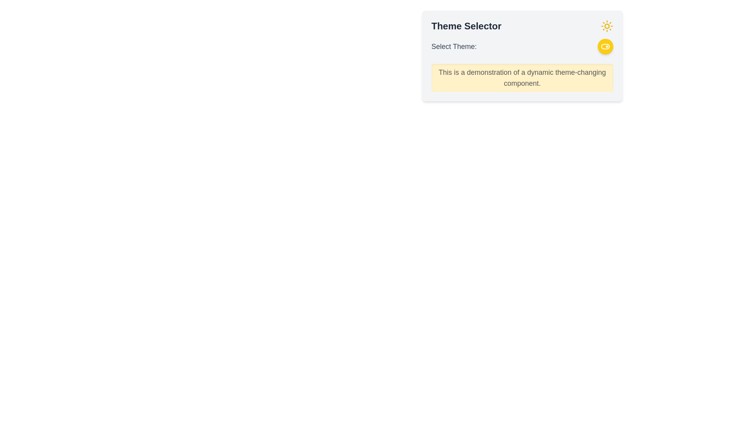 The image size is (752, 423). What do you see at coordinates (605, 47) in the screenshot?
I see `the toggle switch located in the top-right corner of the 'Theme Selector' card` at bounding box center [605, 47].